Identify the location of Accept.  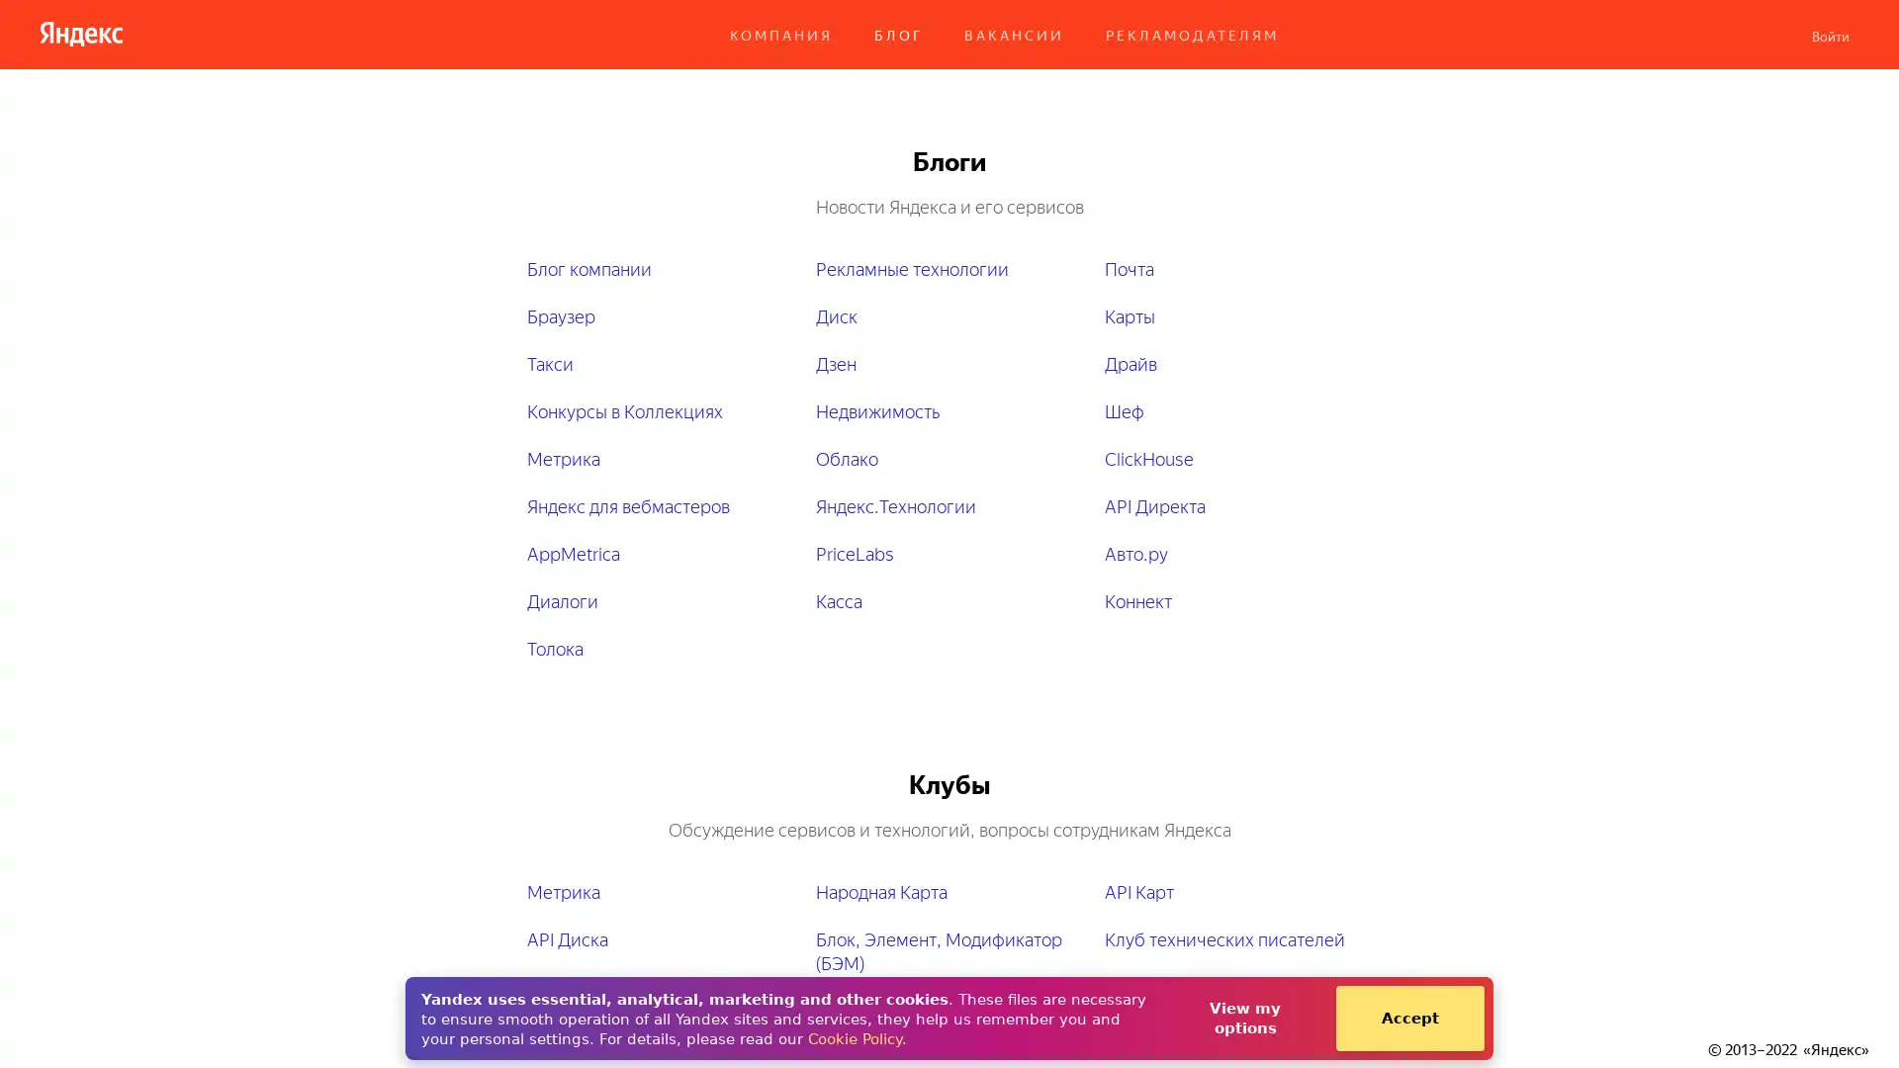
(1408, 1018).